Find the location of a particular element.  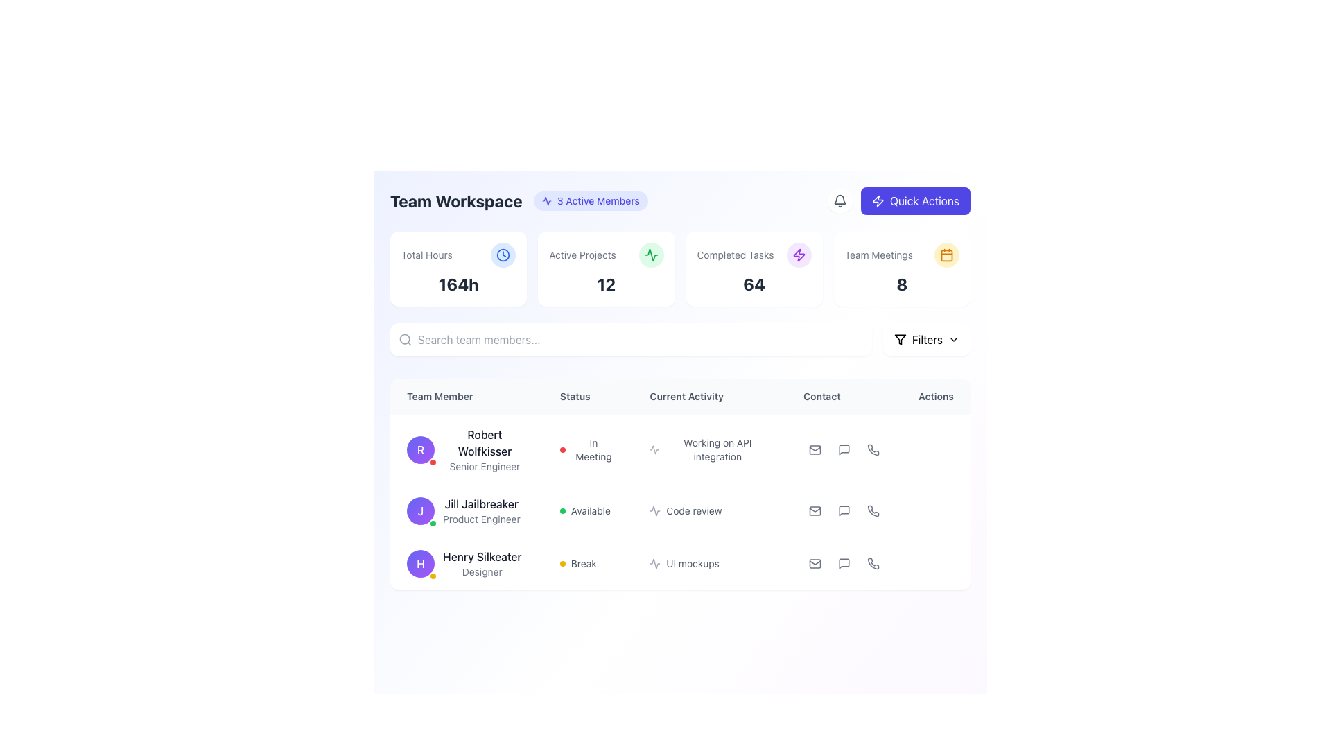

the speech bubble icon in light gray, located centrally between the mail envelope and telephone receiver icons under the 'Actions' column for the second user, Jill Jailbreaker is located at coordinates (844, 510).